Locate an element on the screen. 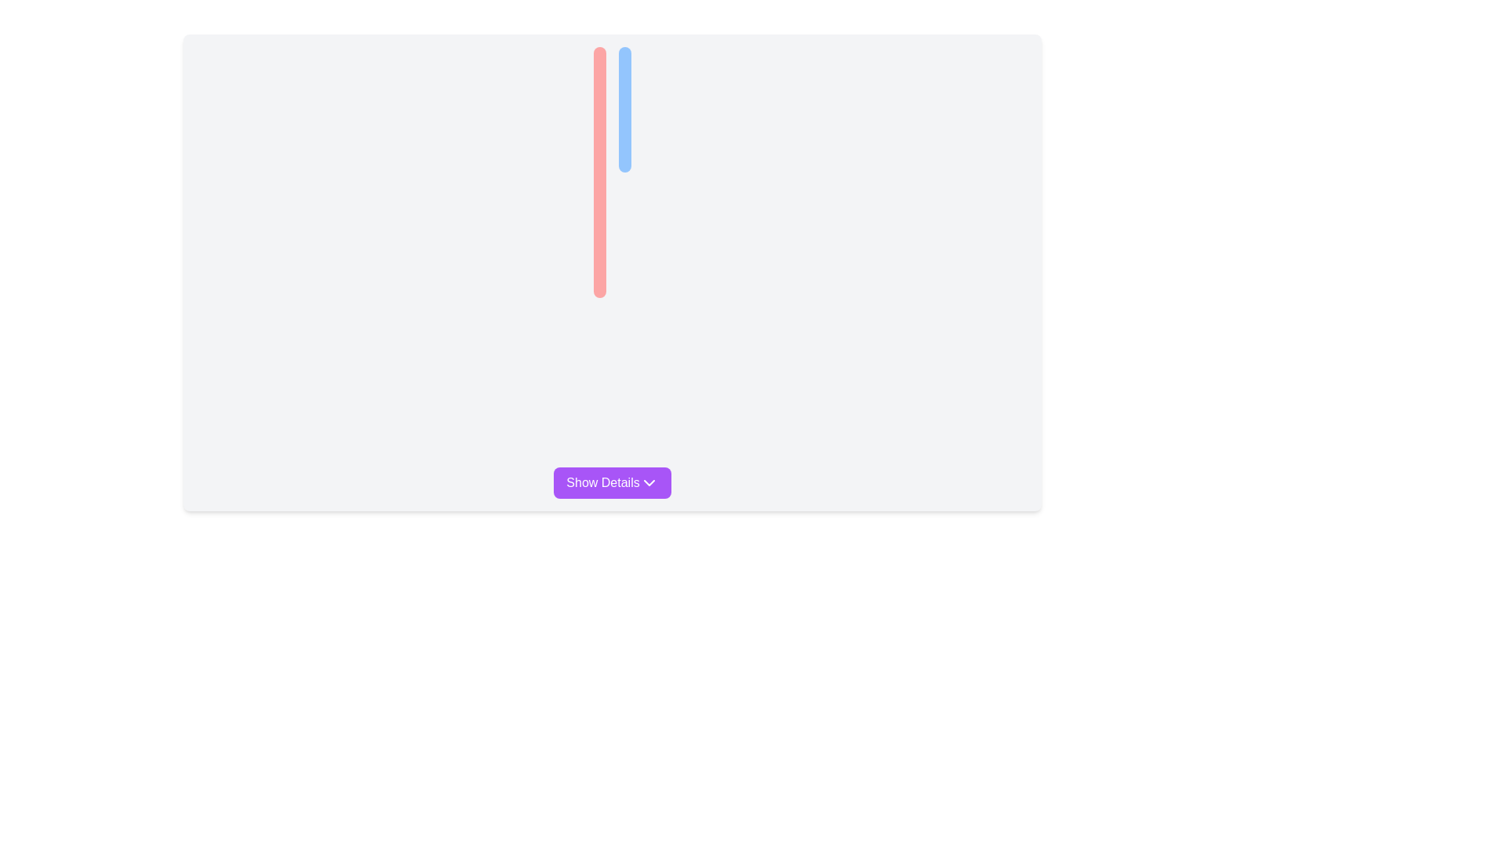 This screenshot has width=1506, height=847. the chevron-down icon located on the right side of the purple 'Show Details' button is located at coordinates (649, 482).